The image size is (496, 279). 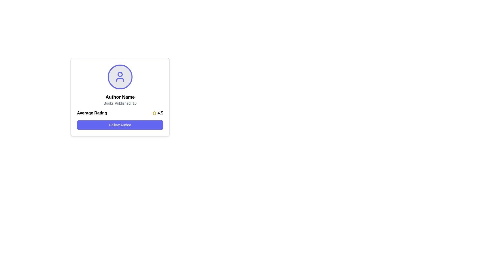 I want to click on the circular head shape within the user icon SVG, which is centrally located at the top of the user card layout, so click(x=120, y=74).